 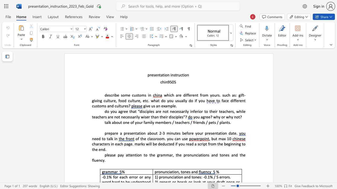 What do you see at coordinates (126, 95) in the screenshot?
I see `the 1th character "m" in the text` at bounding box center [126, 95].